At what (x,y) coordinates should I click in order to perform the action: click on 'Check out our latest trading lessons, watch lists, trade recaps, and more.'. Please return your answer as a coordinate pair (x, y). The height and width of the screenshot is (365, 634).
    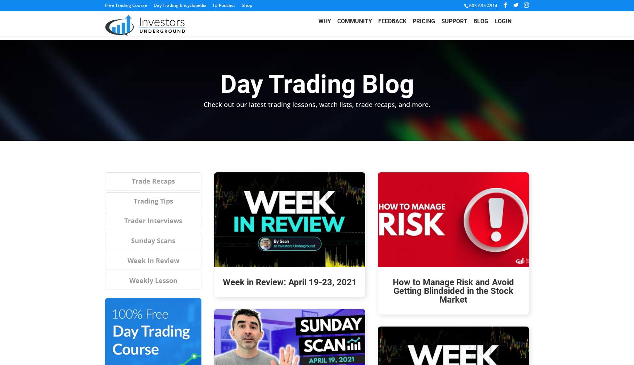
    Looking at the image, I should click on (317, 104).